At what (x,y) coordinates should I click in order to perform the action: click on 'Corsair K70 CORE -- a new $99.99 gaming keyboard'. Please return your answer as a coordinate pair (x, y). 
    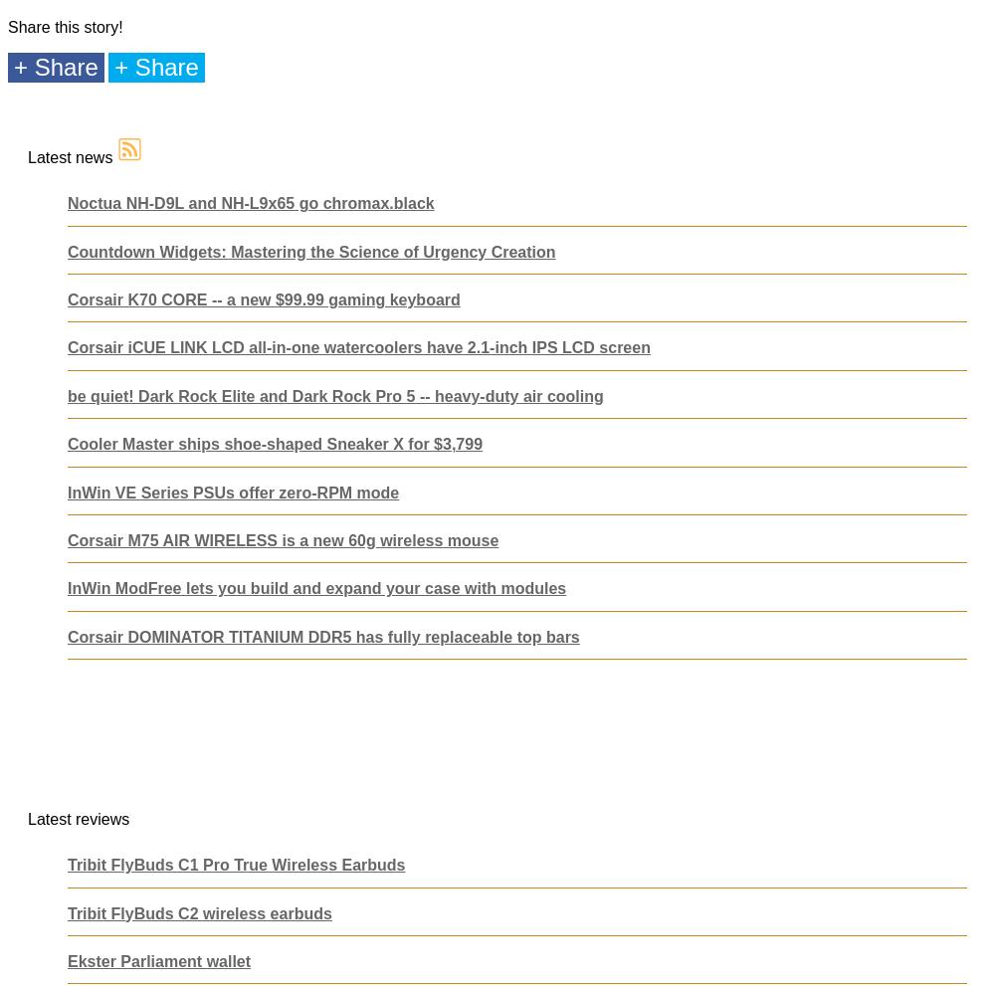
    Looking at the image, I should click on (264, 298).